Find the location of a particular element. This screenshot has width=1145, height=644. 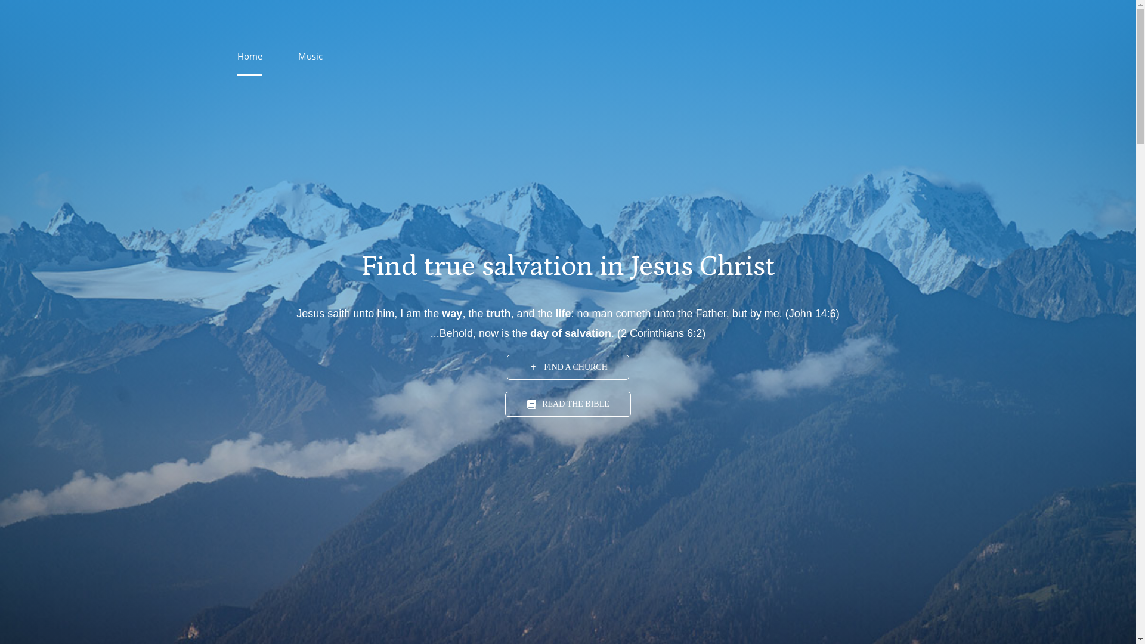

'Music' is located at coordinates (298, 55).